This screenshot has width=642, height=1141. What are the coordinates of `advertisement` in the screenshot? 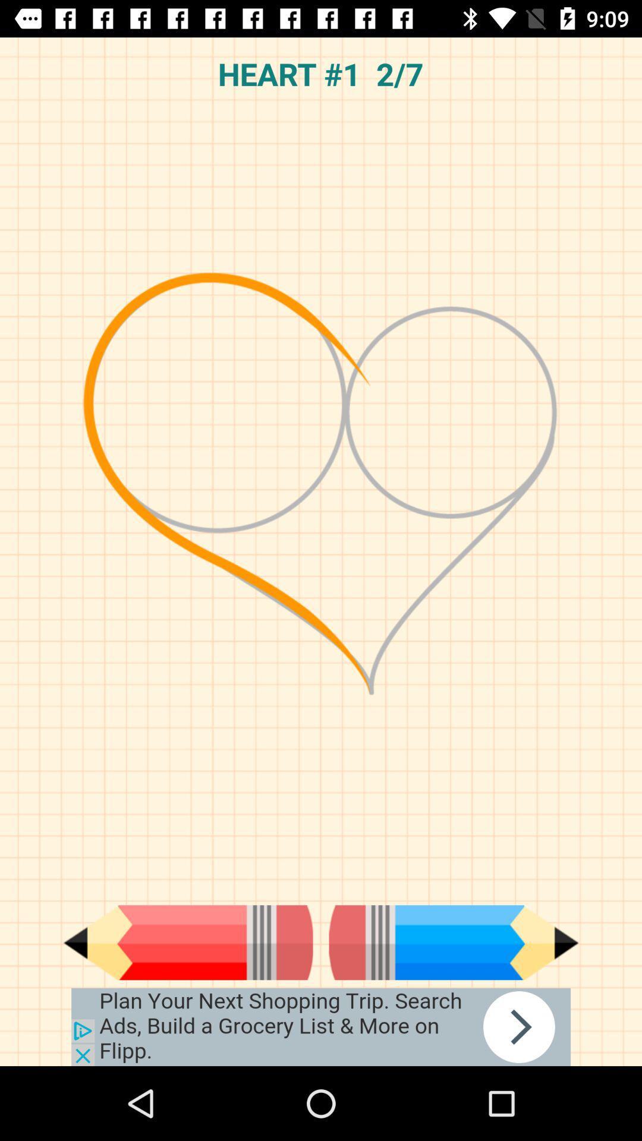 It's located at (321, 1026).